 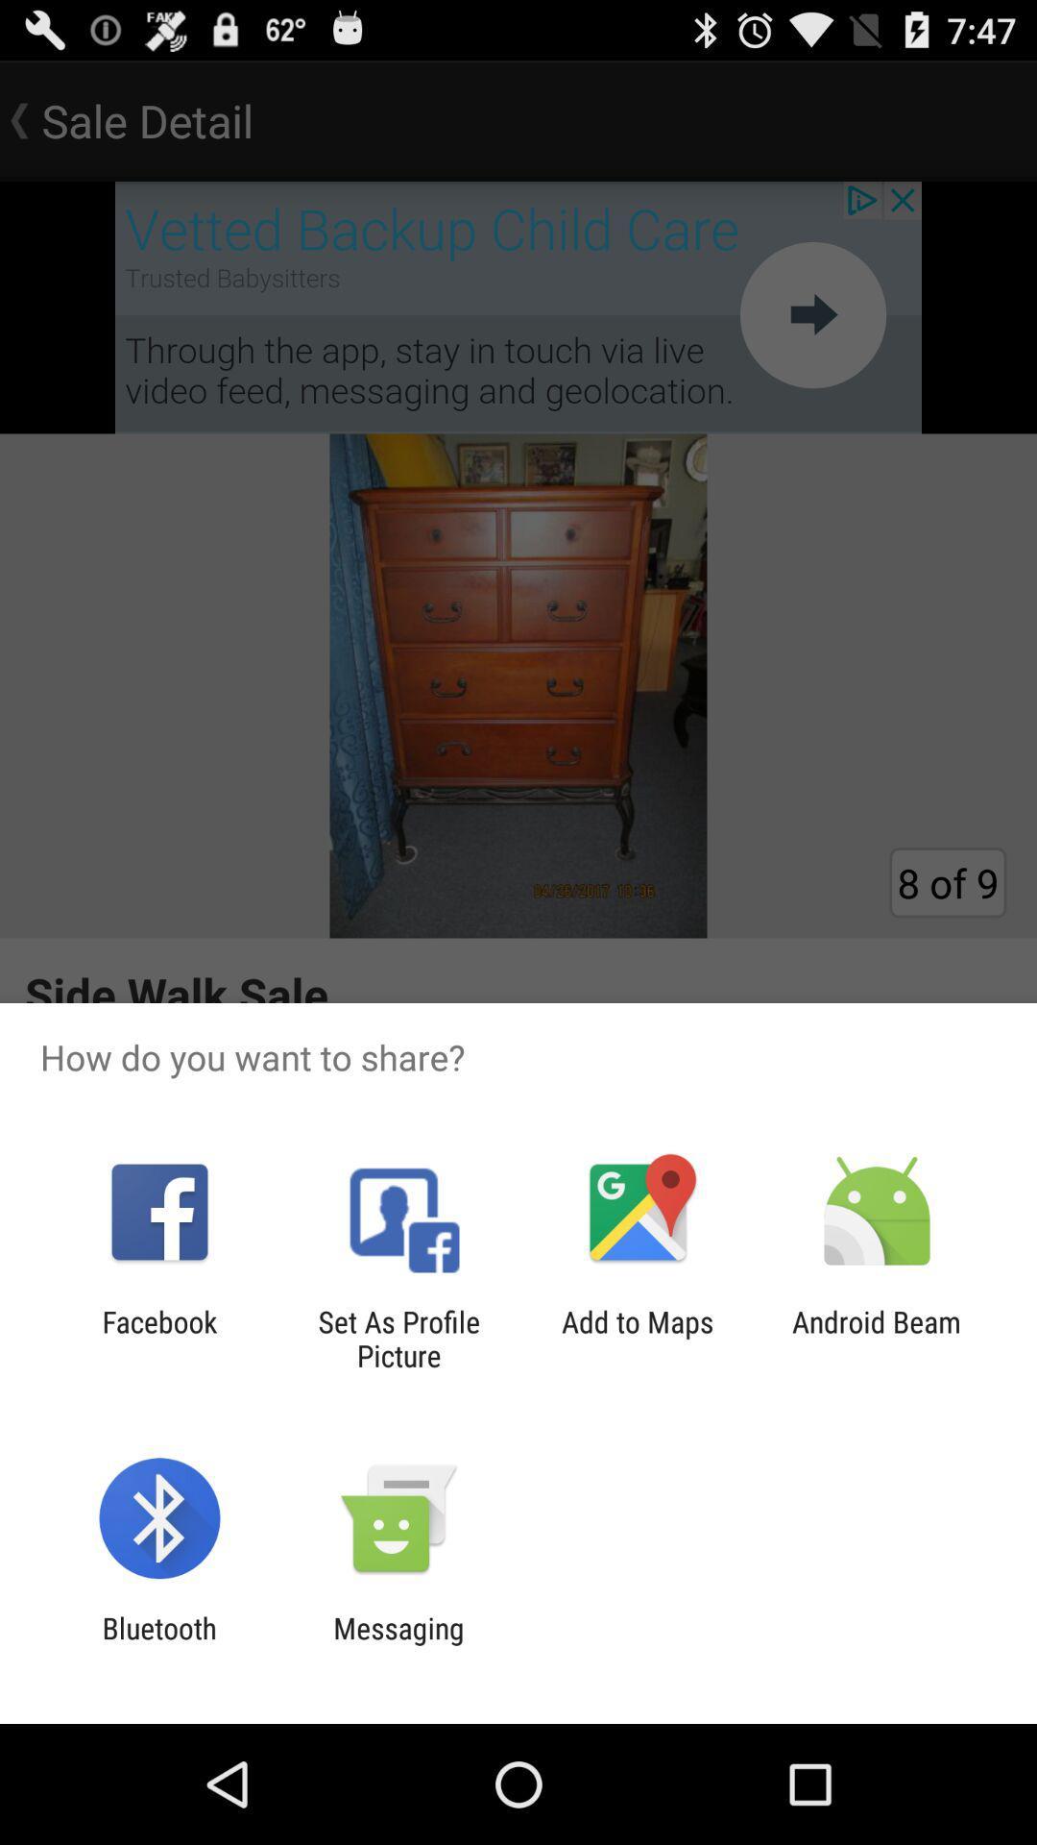 What do you see at coordinates (638, 1338) in the screenshot?
I see `the add to maps app` at bounding box center [638, 1338].